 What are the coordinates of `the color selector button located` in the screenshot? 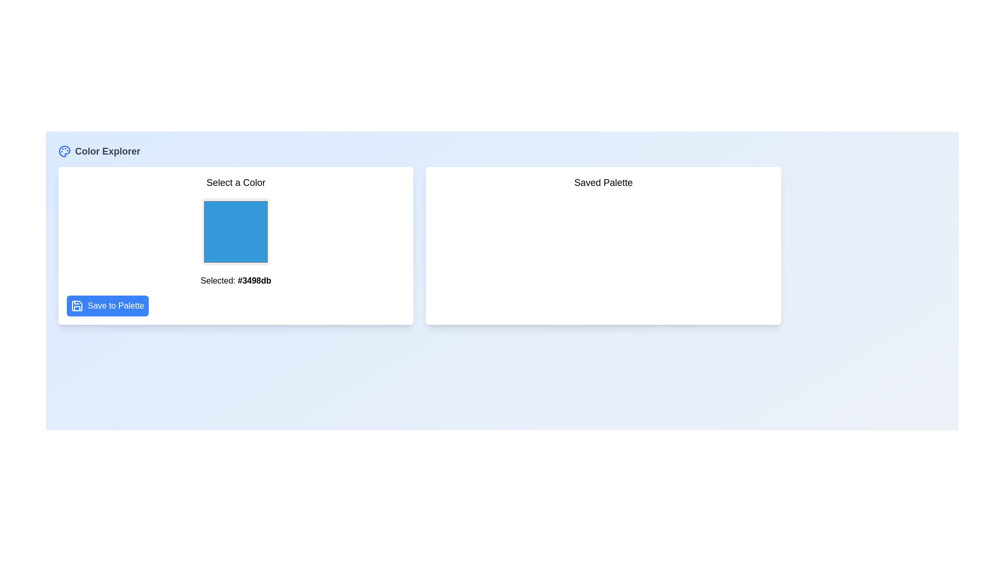 It's located at (235, 245).